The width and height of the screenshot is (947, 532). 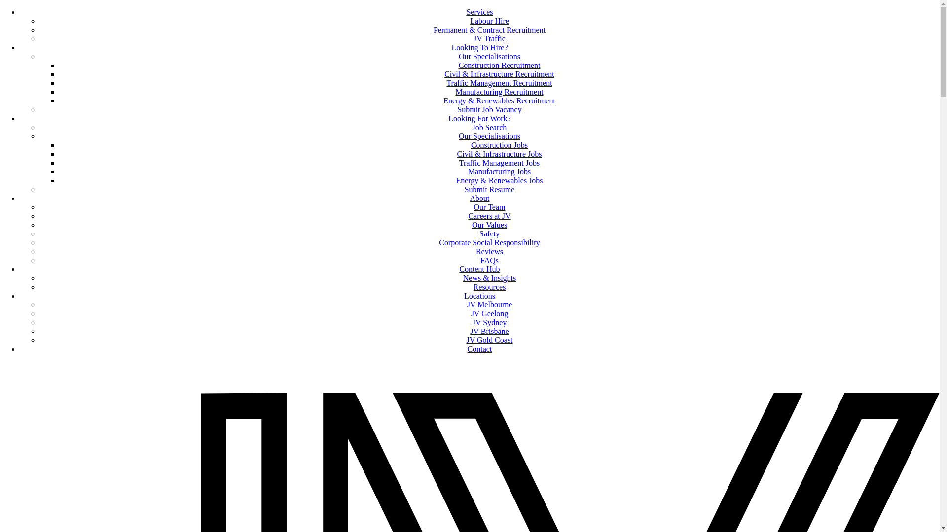 What do you see at coordinates (479, 295) in the screenshot?
I see `'Locations'` at bounding box center [479, 295].